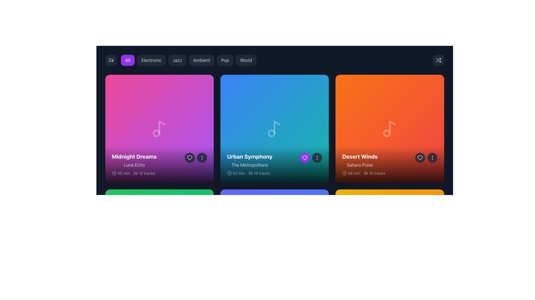  I want to click on the text display component featuring the title 'Midnight Dreams' and subtitle 'Luna Echo', located in the first card of the horizontally aligned card list, so click(134, 161).